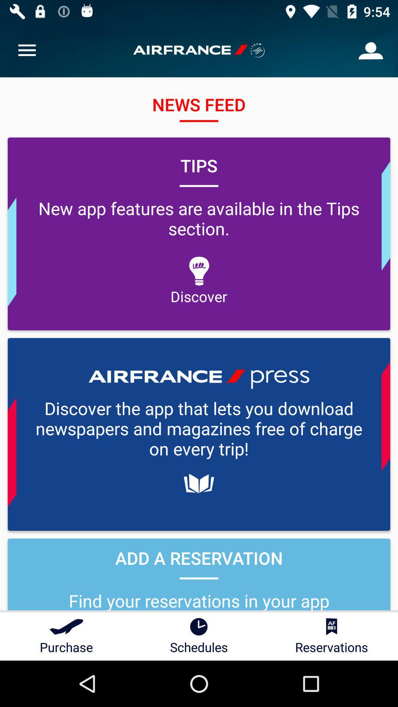 The height and width of the screenshot is (707, 398). Describe the element at coordinates (66, 636) in the screenshot. I see `the purchase item` at that location.